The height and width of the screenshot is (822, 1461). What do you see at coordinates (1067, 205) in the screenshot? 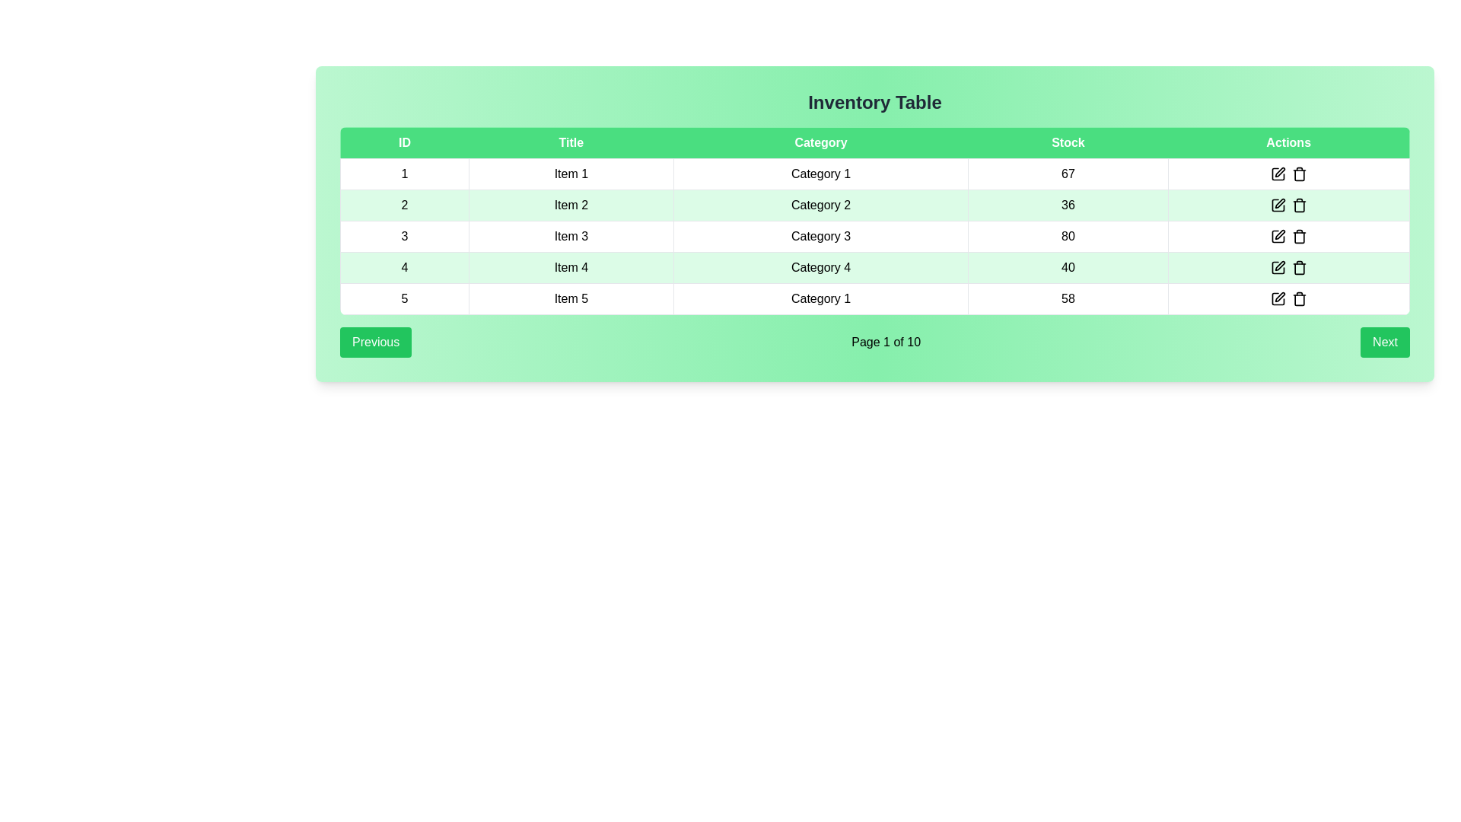
I see `the stock value cell in the fourth column of the second row of the table for 'Item 2' and 'Category 2'` at bounding box center [1067, 205].